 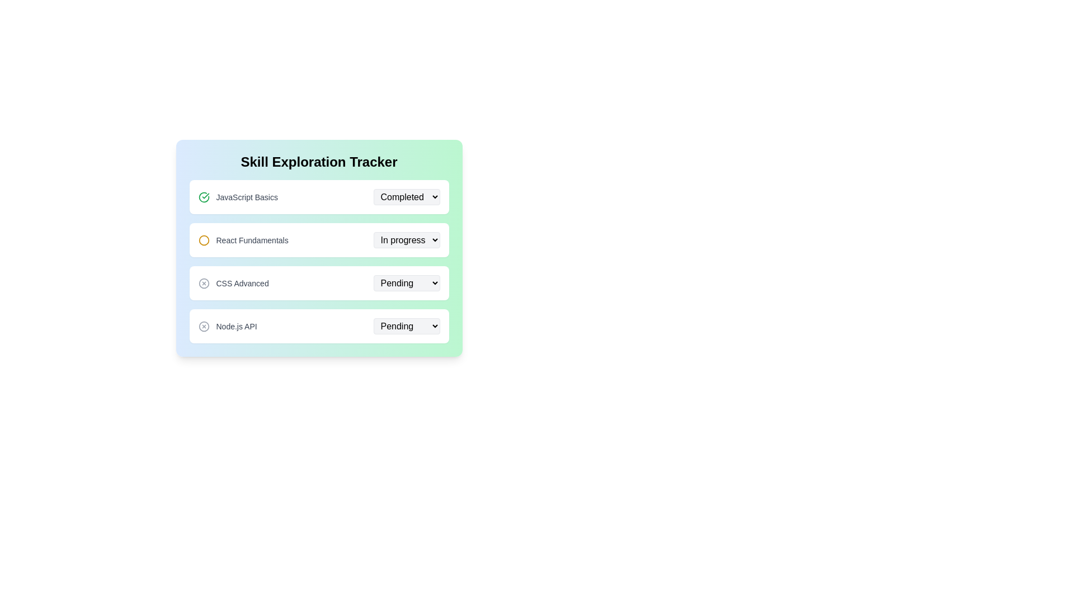 I want to click on the Static Text Label describing the 'React Fundamentals' skill in the Skill Exploration Tracker section, which is the second item in a vertical list of skill entries, so click(x=252, y=239).